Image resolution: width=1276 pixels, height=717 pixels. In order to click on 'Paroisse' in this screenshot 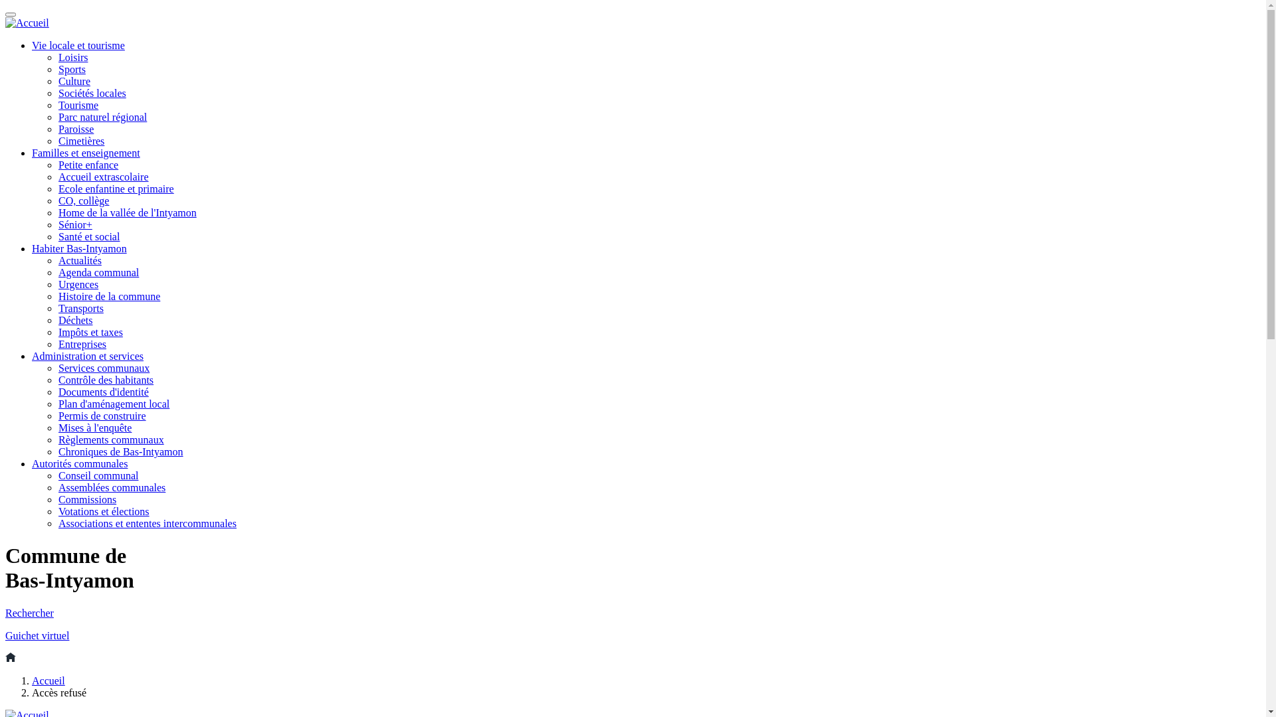, I will do `click(75, 129)`.